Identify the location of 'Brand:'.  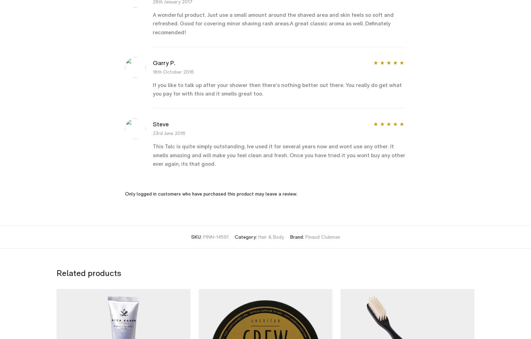
(297, 237).